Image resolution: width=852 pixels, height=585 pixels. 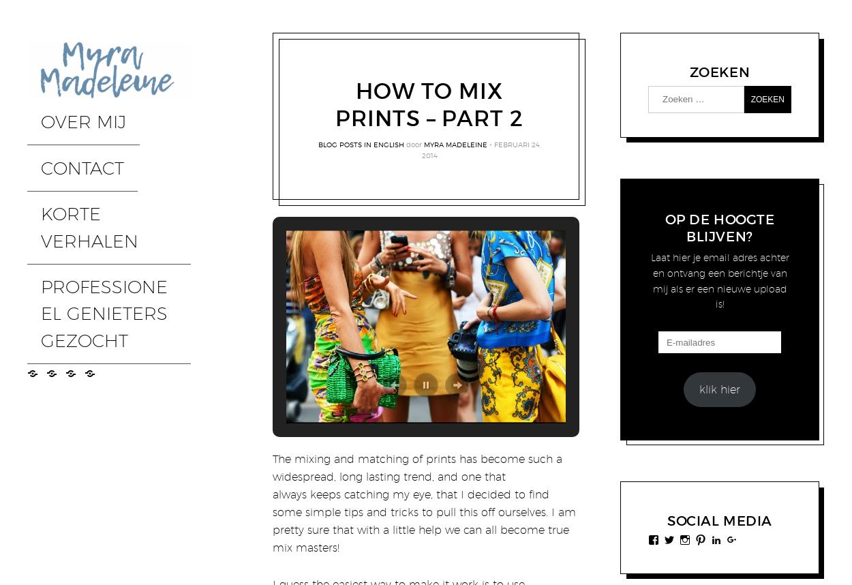 I want to click on 'PROFESSIONEEL GENIETERS GEZOCHT', so click(x=95, y=188).